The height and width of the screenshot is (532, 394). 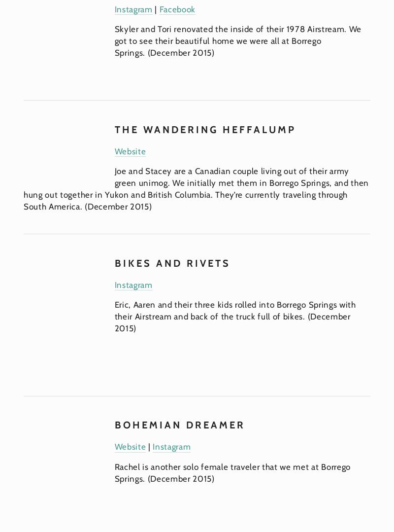 I want to click on 'Bohemian Dreamer', so click(x=114, y=425).